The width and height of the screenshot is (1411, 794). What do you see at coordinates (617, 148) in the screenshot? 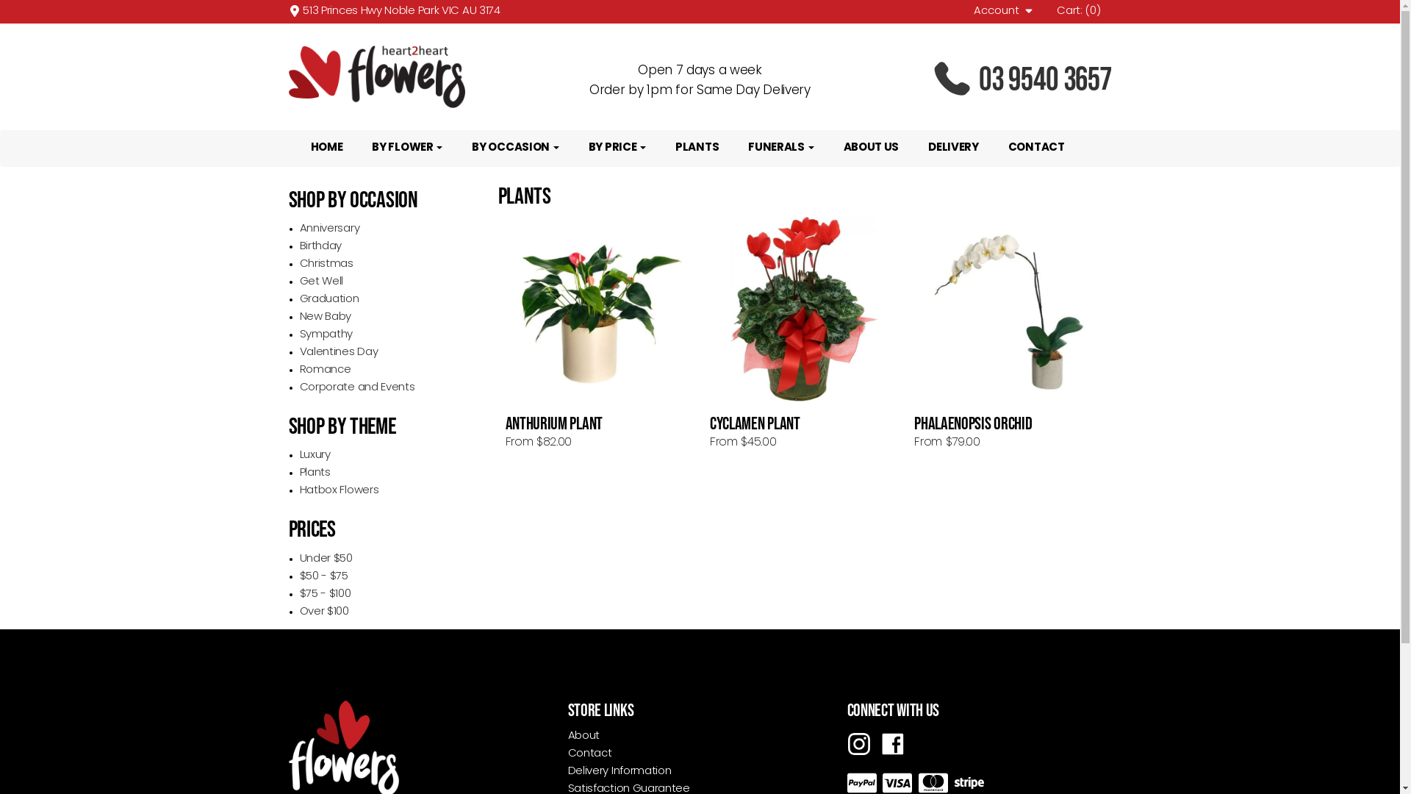
I see `'BY PRICE'` at bounding box center [617, 148].